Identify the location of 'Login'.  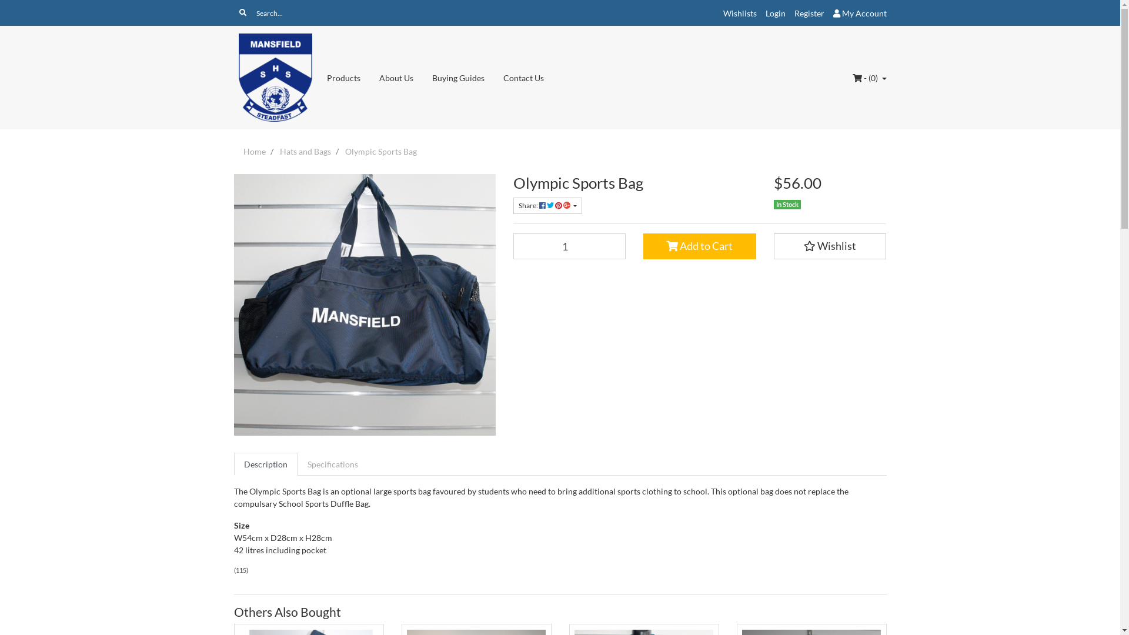
(776, 13).